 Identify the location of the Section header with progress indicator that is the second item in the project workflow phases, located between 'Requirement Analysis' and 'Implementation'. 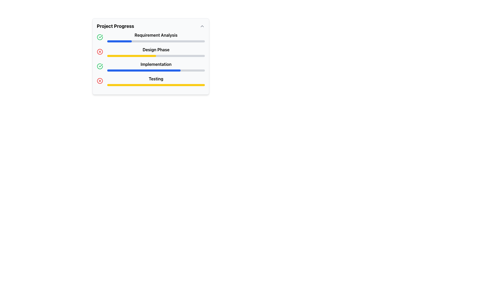
(150, 52).